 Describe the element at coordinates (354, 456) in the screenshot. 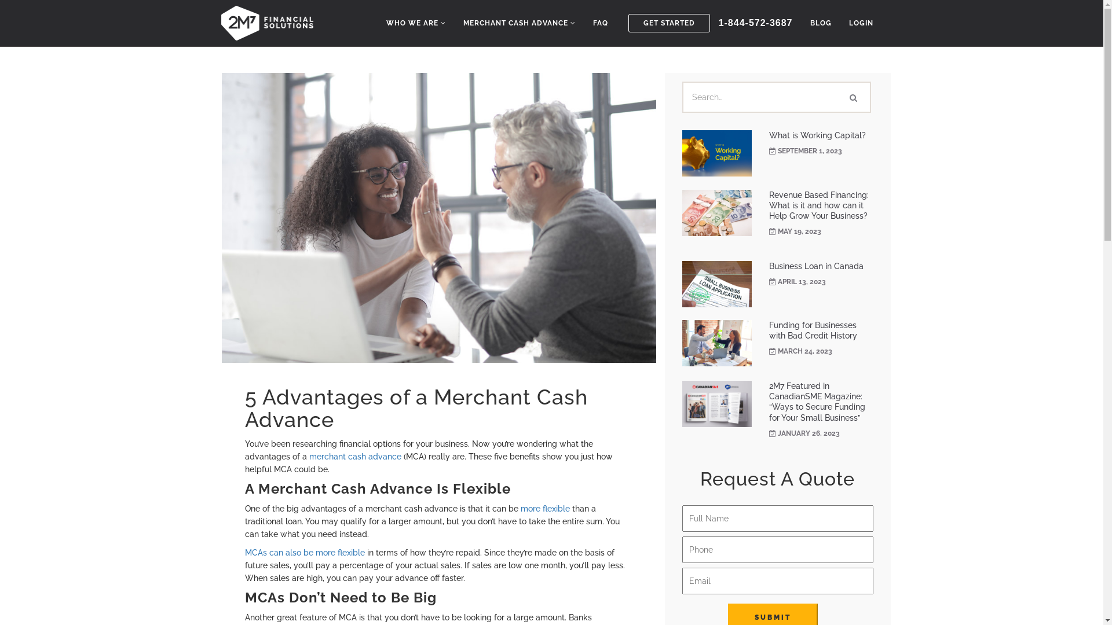

I see `'merchant cash advance'` at that location.